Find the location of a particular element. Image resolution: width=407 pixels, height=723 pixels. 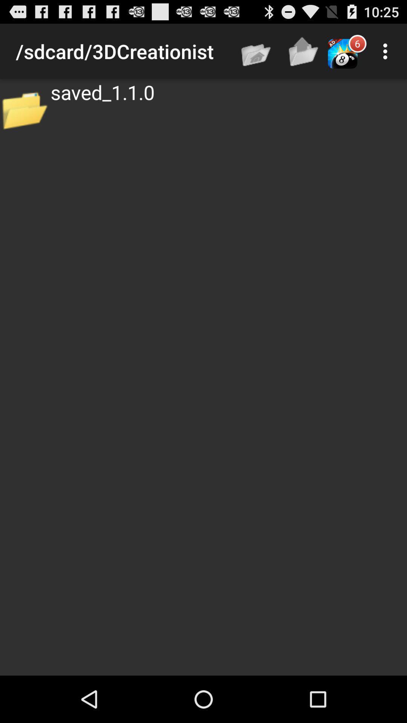

the icon next to /sdcard/3dcreationist icon is located at coordinates (256, 51).